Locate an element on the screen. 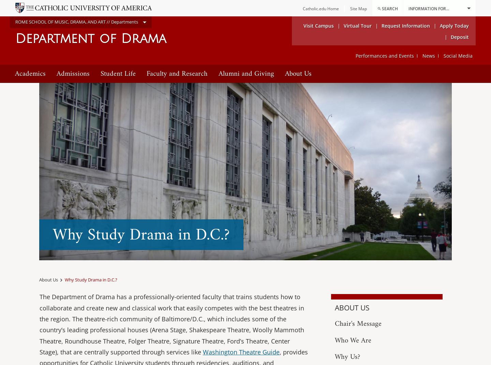  'Deposit' is located at coordinates (450, 36).